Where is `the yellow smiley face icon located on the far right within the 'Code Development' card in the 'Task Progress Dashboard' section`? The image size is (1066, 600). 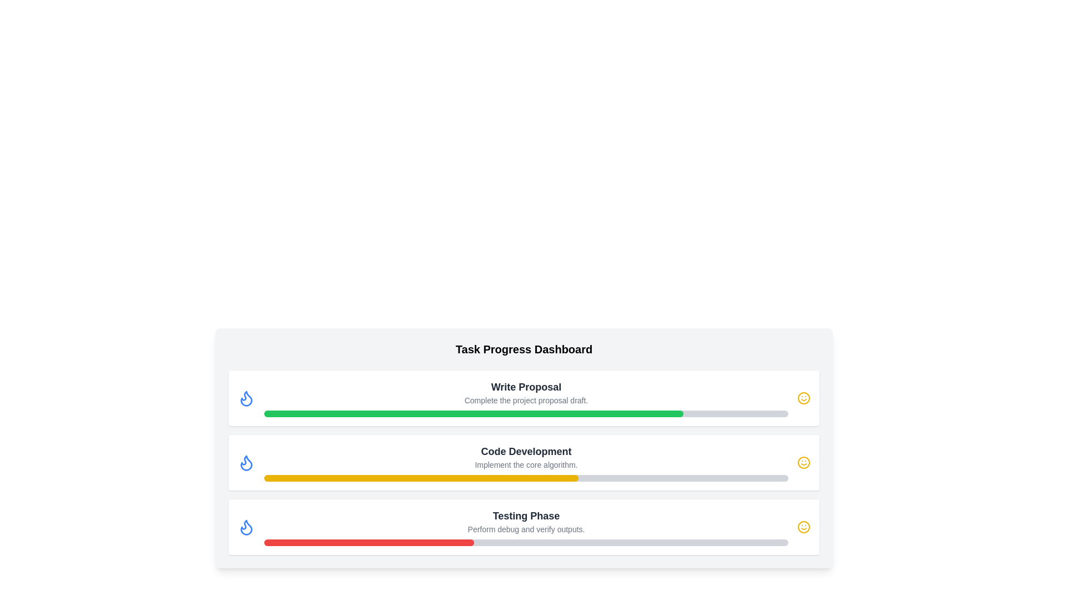 the yellow smiley face icon located on the far right within the 'Code Development' card in the 'Task Progress Dashboard' section is located at coordinates (804, 463).